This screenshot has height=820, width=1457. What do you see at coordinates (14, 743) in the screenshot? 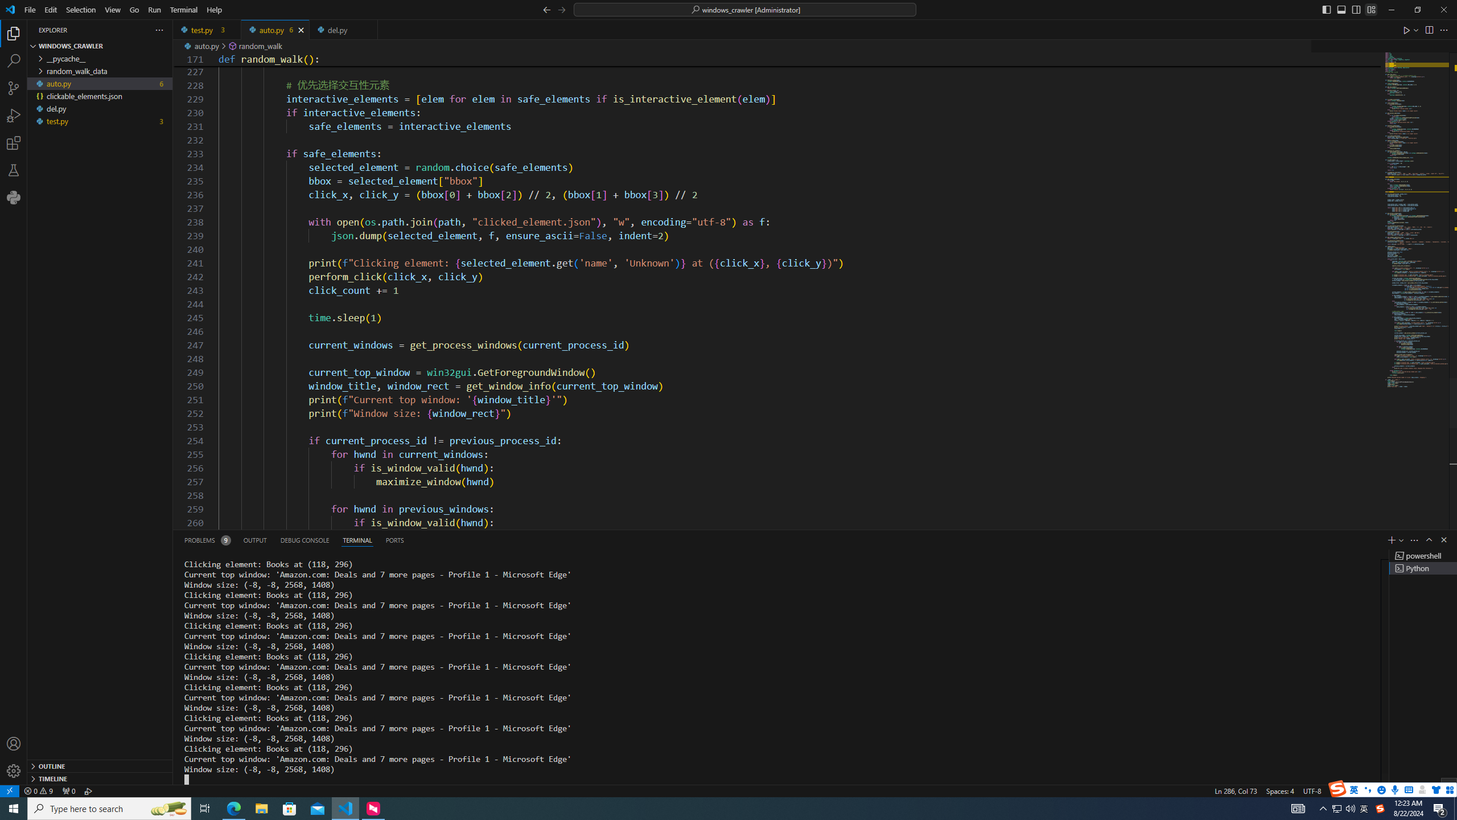
I see `'Accounts'` at bounding box center [14, 743].